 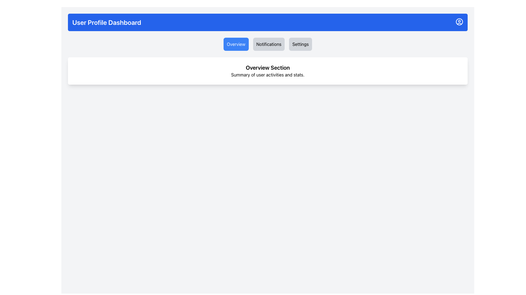 I want to click on 'User Profile Dashboard' text label that is prominently displayed in white on a blue background, located at the top-left section of the interface, so click(x=107, y=22).